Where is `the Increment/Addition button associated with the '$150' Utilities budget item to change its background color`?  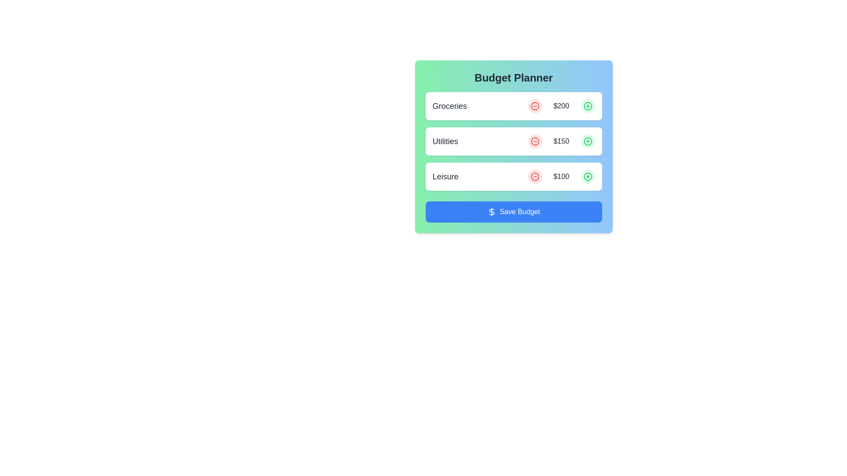
the Increment/Addition button associated with the '$150' Utilities budget item to change its background color is located at coordinates (588, 141).